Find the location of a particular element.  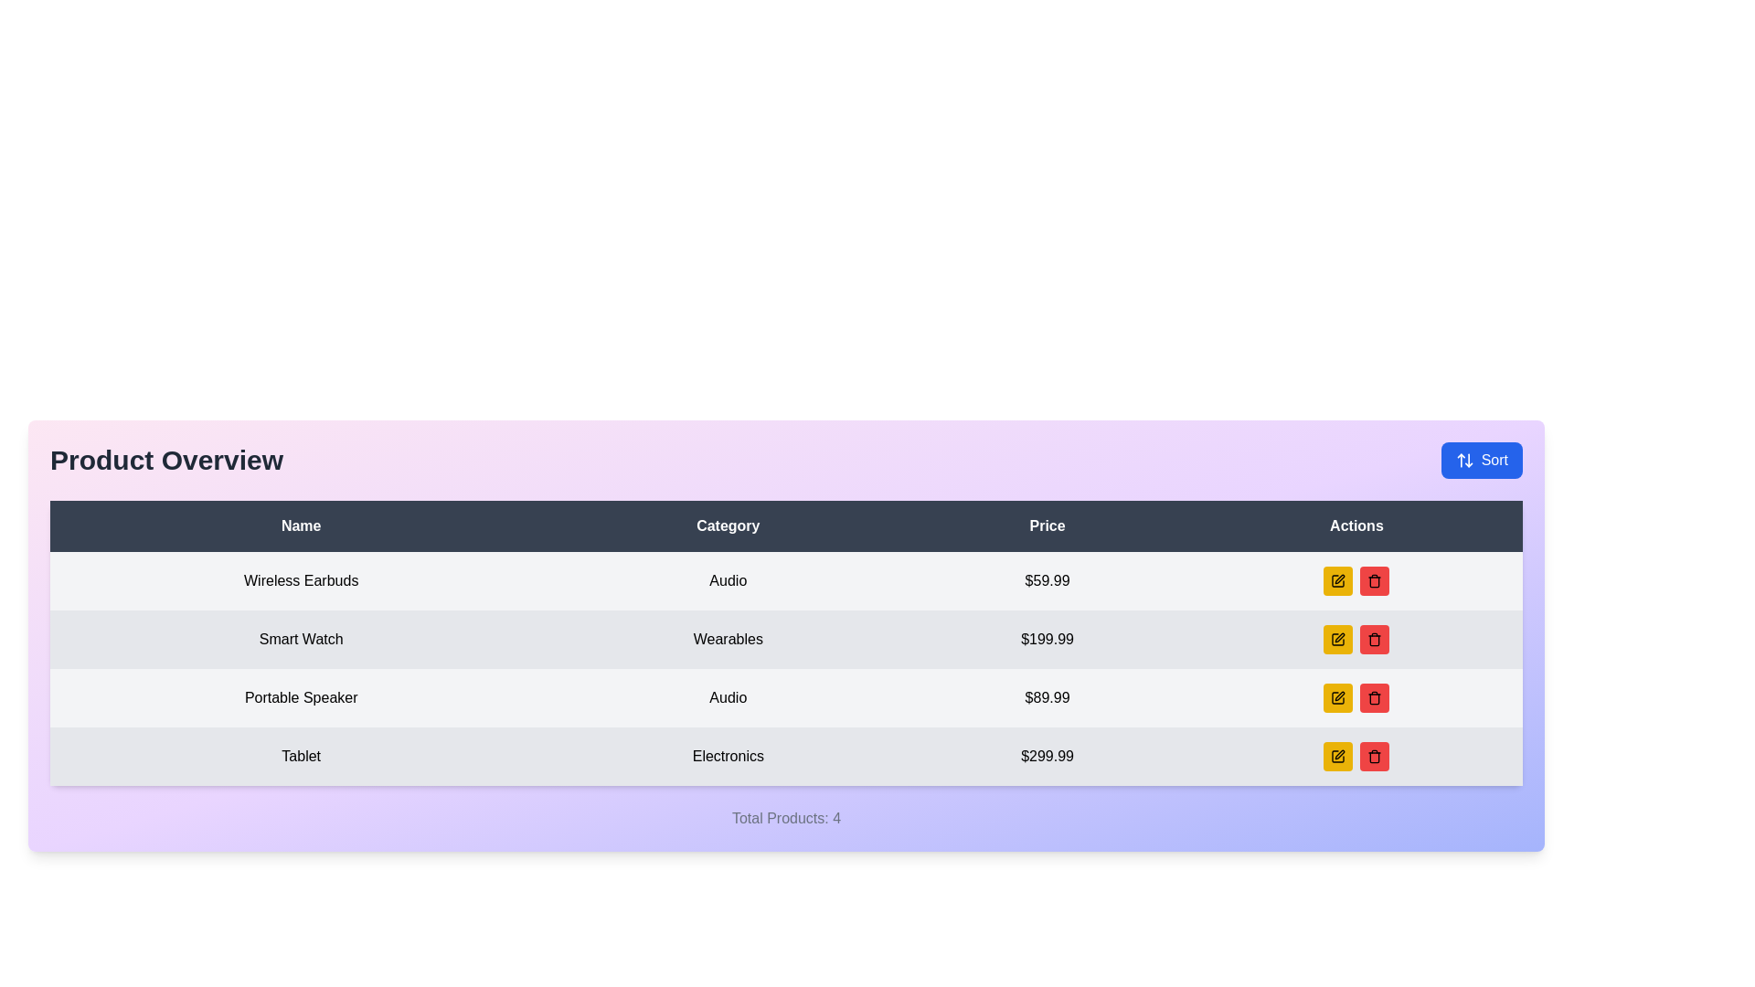

the red delete button with the trash icon in the button group for the 'Portable Speaker' product is located at coordinates (1356, 697).